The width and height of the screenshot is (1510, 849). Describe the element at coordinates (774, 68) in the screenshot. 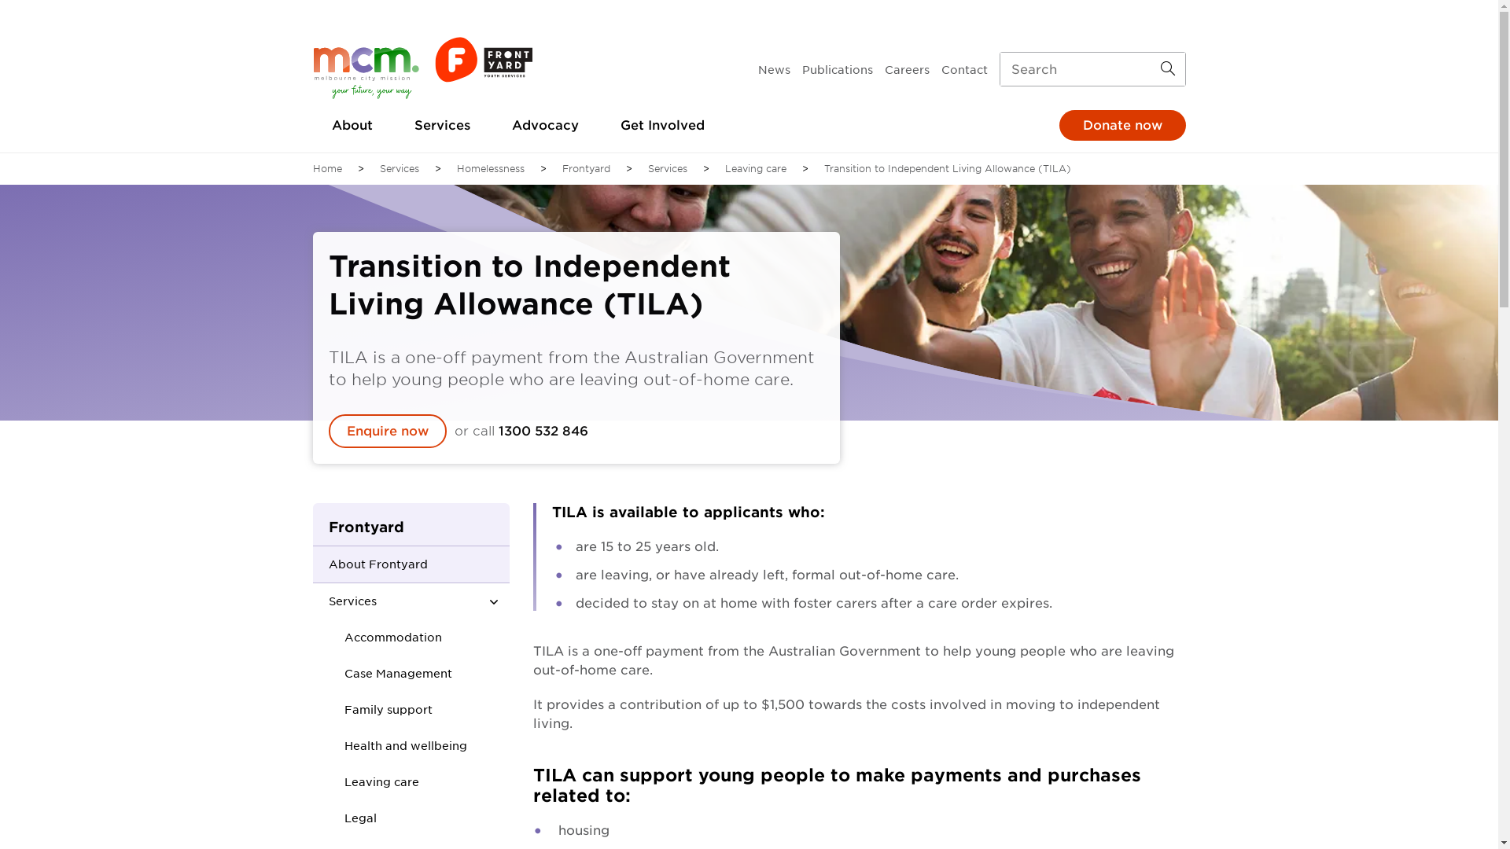

I see `'News'` at that location.